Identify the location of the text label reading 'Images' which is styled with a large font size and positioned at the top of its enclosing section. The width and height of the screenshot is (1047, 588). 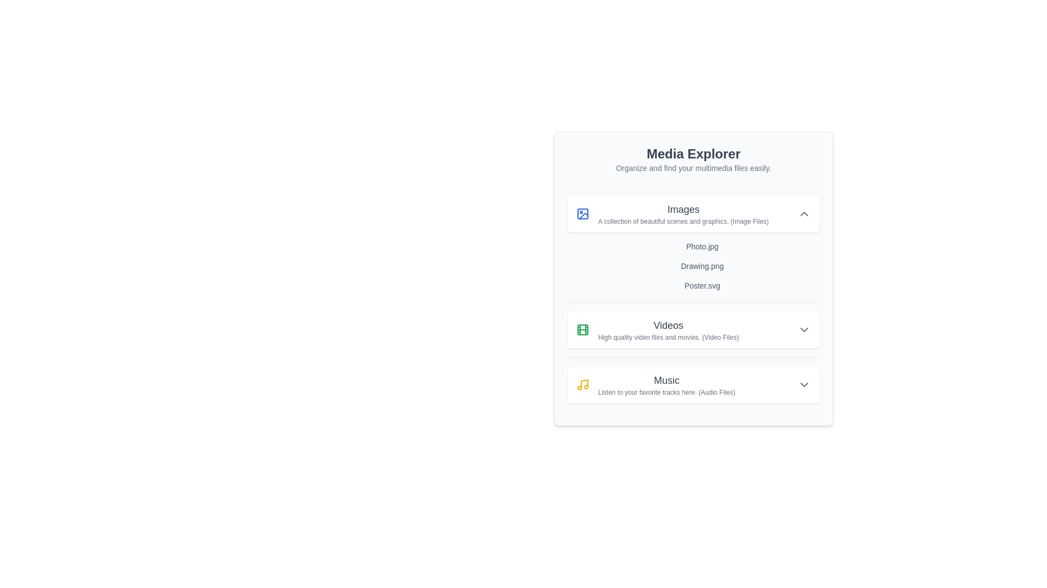
(683, 210).